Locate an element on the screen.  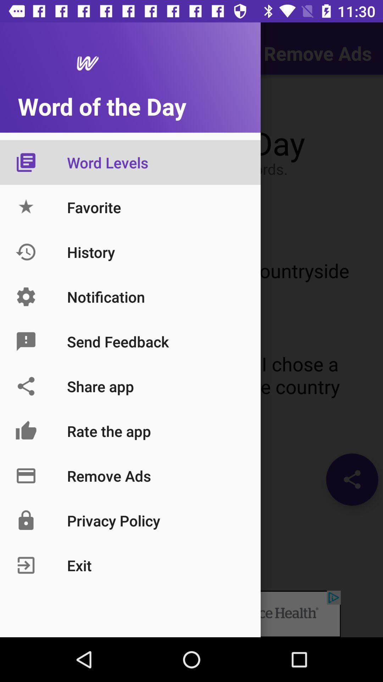
the share icon is located at coordinates (352, 479).